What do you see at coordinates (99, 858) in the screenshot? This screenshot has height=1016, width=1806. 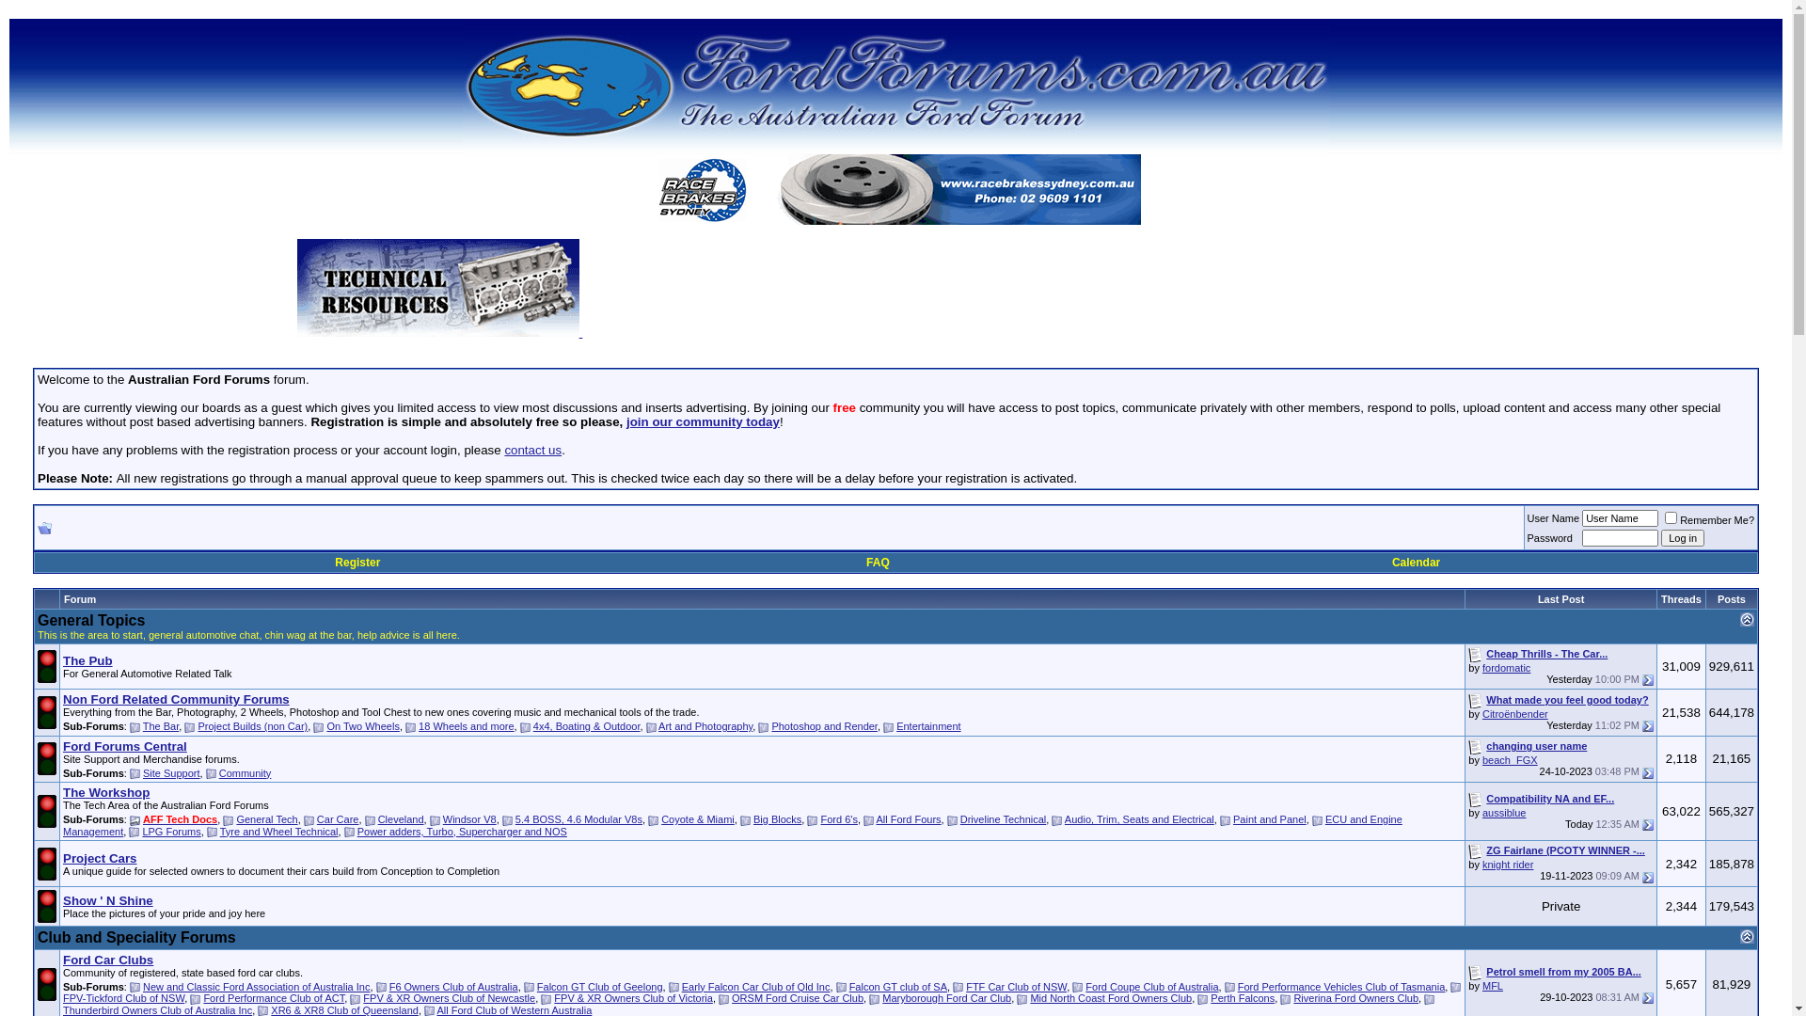 I see `'Project Cars'` at bounding box center [99, 858].